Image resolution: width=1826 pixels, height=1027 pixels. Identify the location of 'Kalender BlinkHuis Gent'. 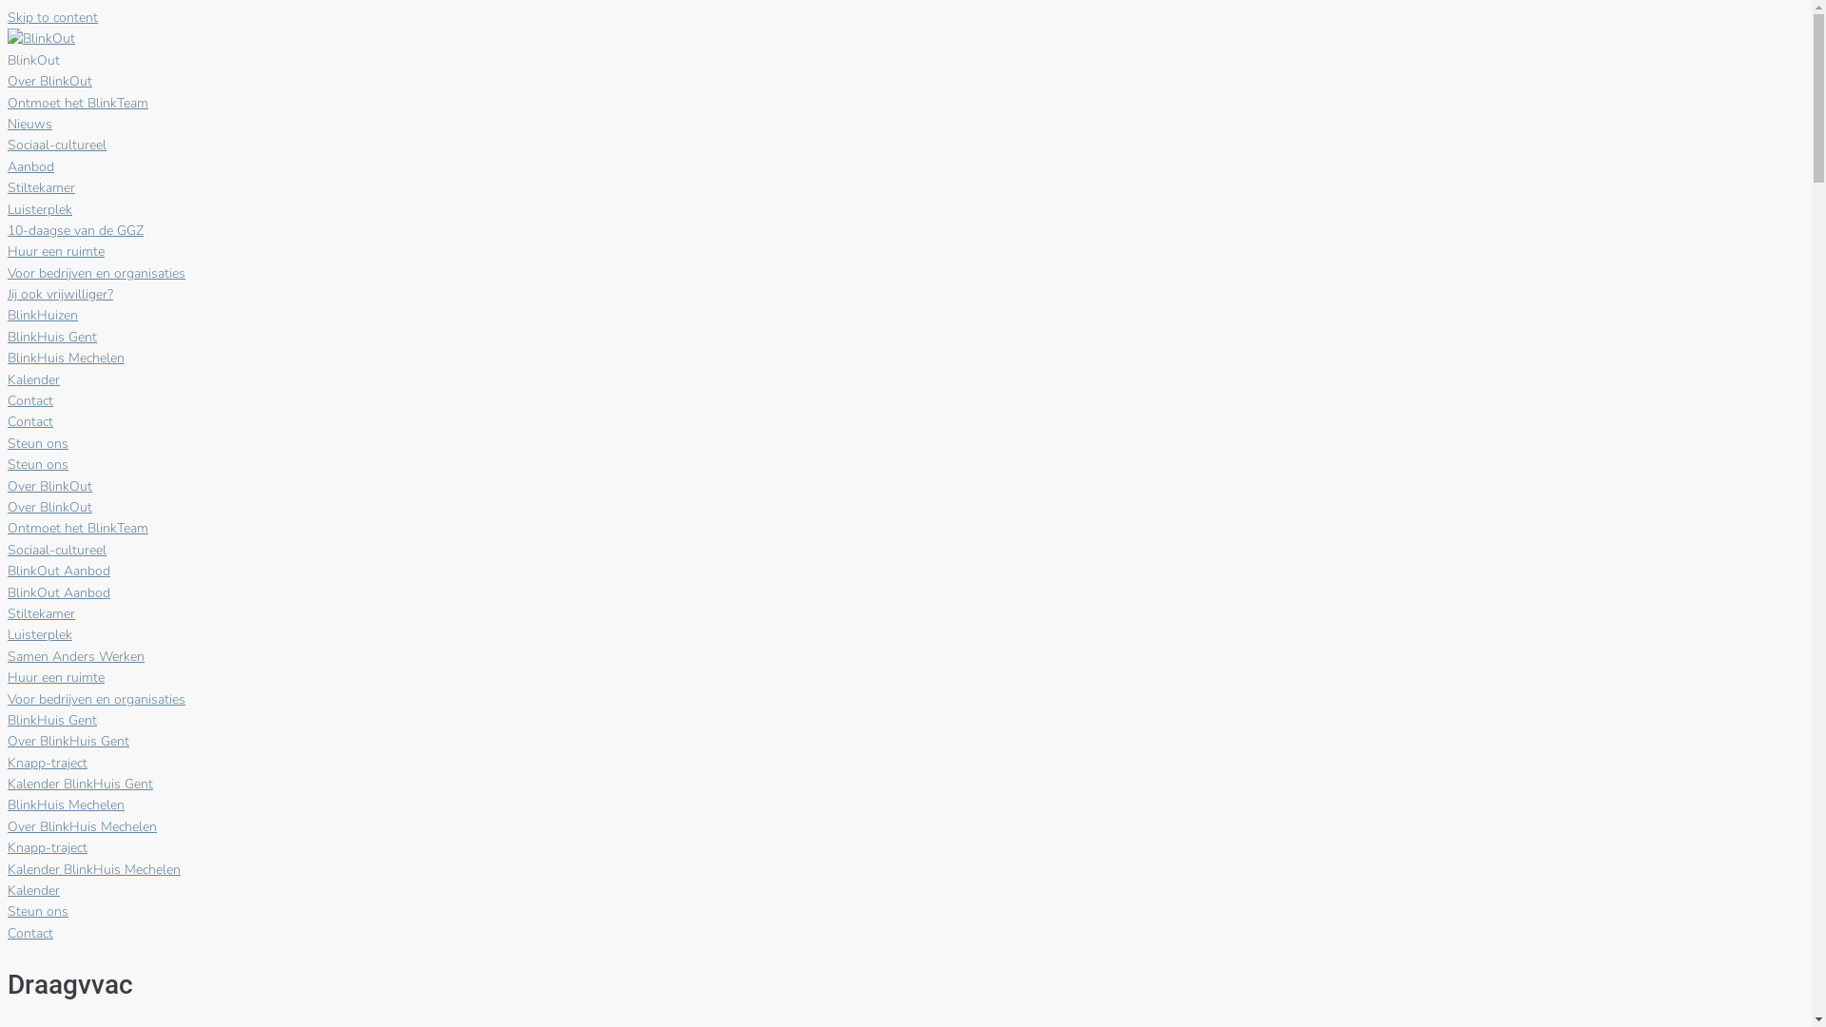
(79, 784).